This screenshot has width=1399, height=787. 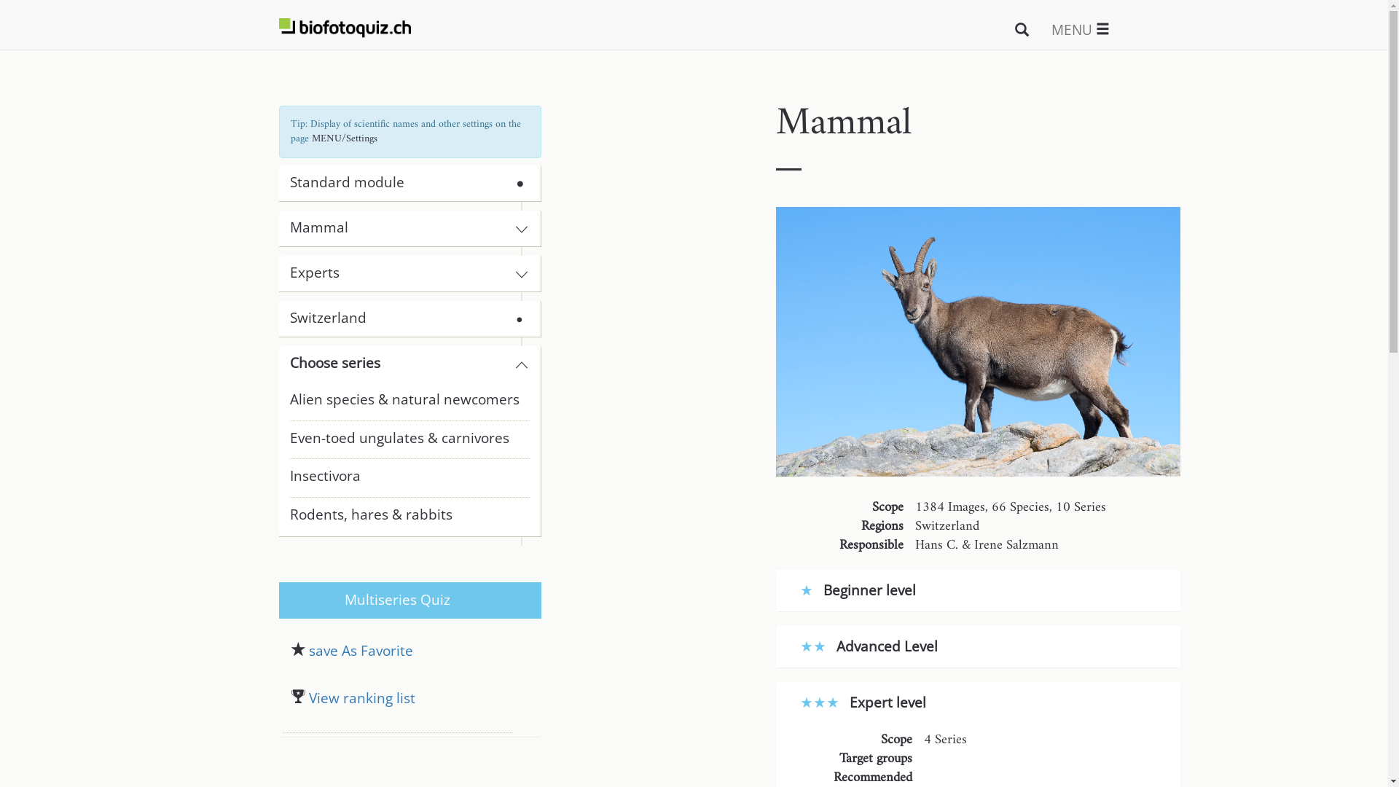 What do you see at coordinates (863, 704) in the screenshot?
I see `'Expert level'` at bounding box center [863, 704].